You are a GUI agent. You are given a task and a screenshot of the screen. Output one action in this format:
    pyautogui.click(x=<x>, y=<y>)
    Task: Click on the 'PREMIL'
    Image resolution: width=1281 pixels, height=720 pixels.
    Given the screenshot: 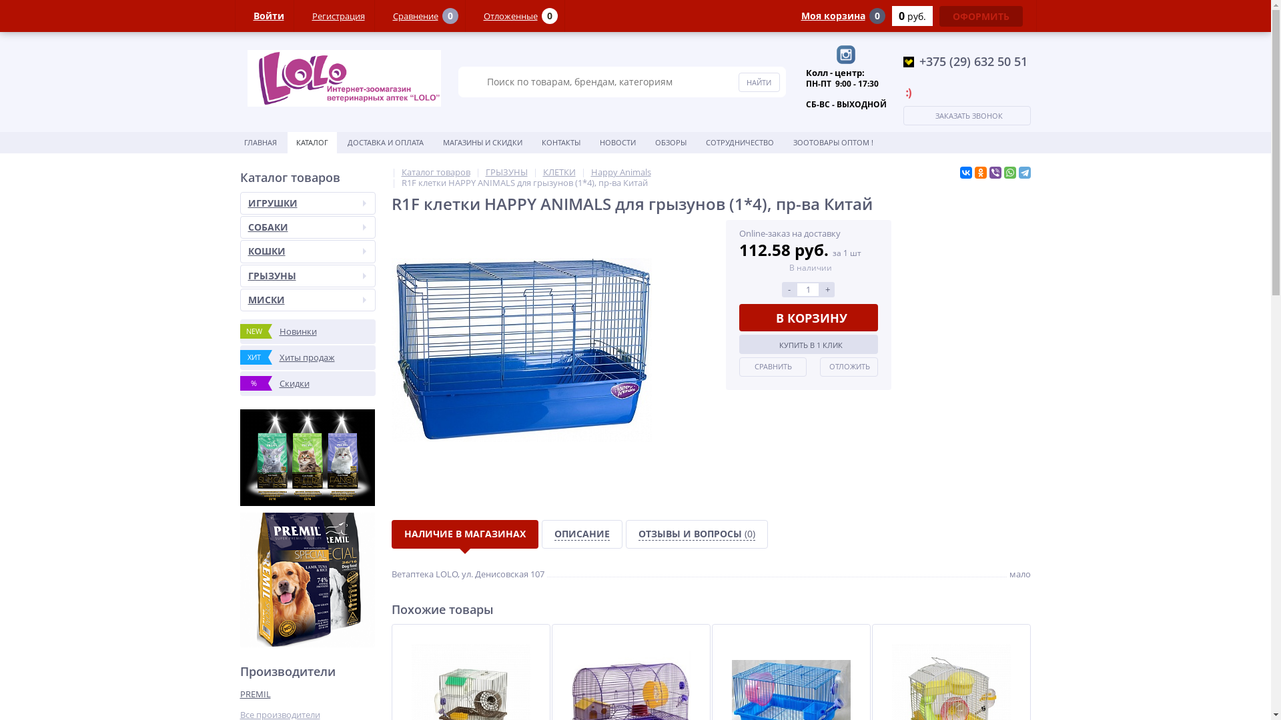 What is the action you would take?
    pyautogui.click(x=274, y=693)
    